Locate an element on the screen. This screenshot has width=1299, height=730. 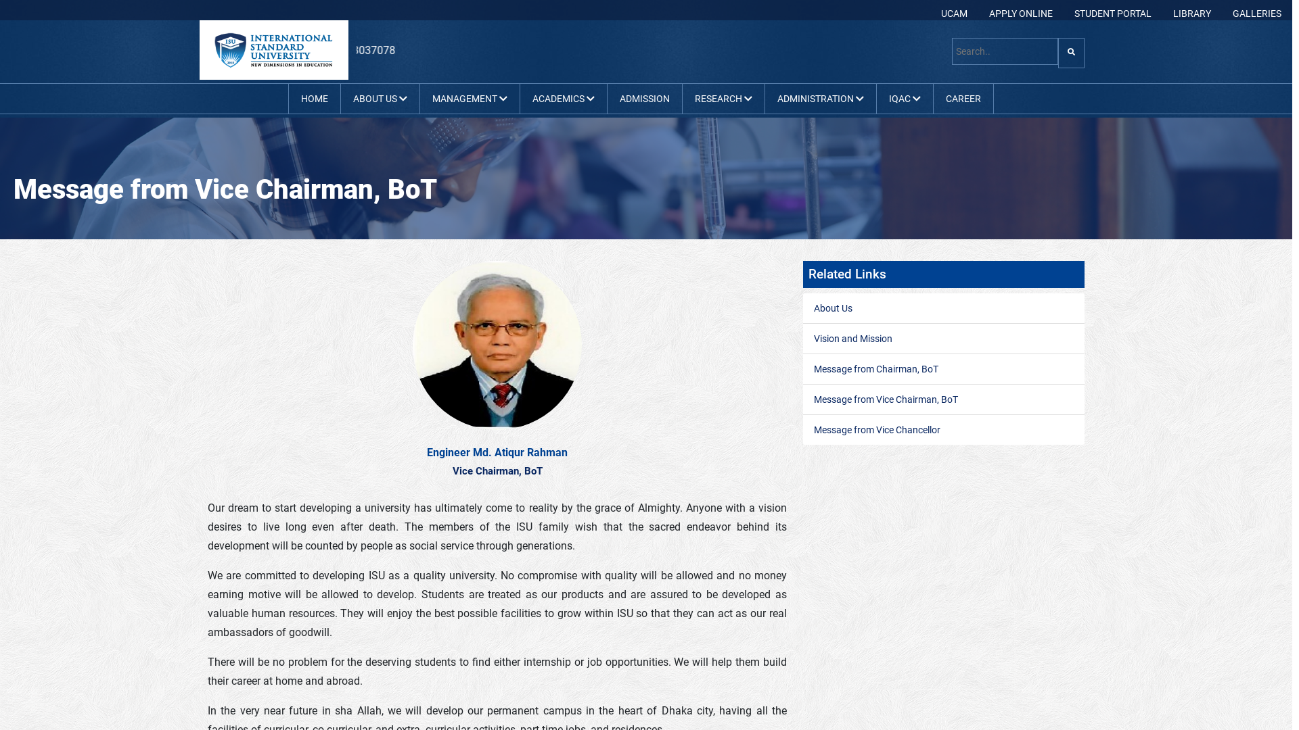
'RESEARCH' is located at coordinates (722, 98).